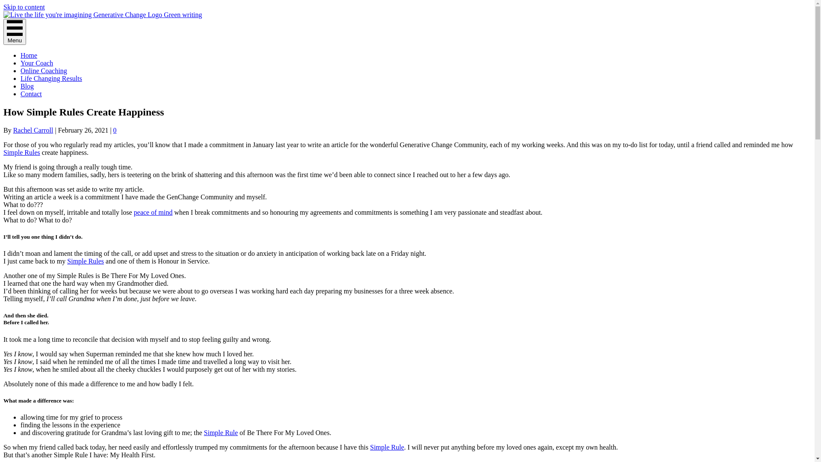 The width and height of the screenshot is (821, 462). What do you see at coordinates (43, 70) in the screenshot?
I see `'Online Coaching'` at bounding box center [43, 70].